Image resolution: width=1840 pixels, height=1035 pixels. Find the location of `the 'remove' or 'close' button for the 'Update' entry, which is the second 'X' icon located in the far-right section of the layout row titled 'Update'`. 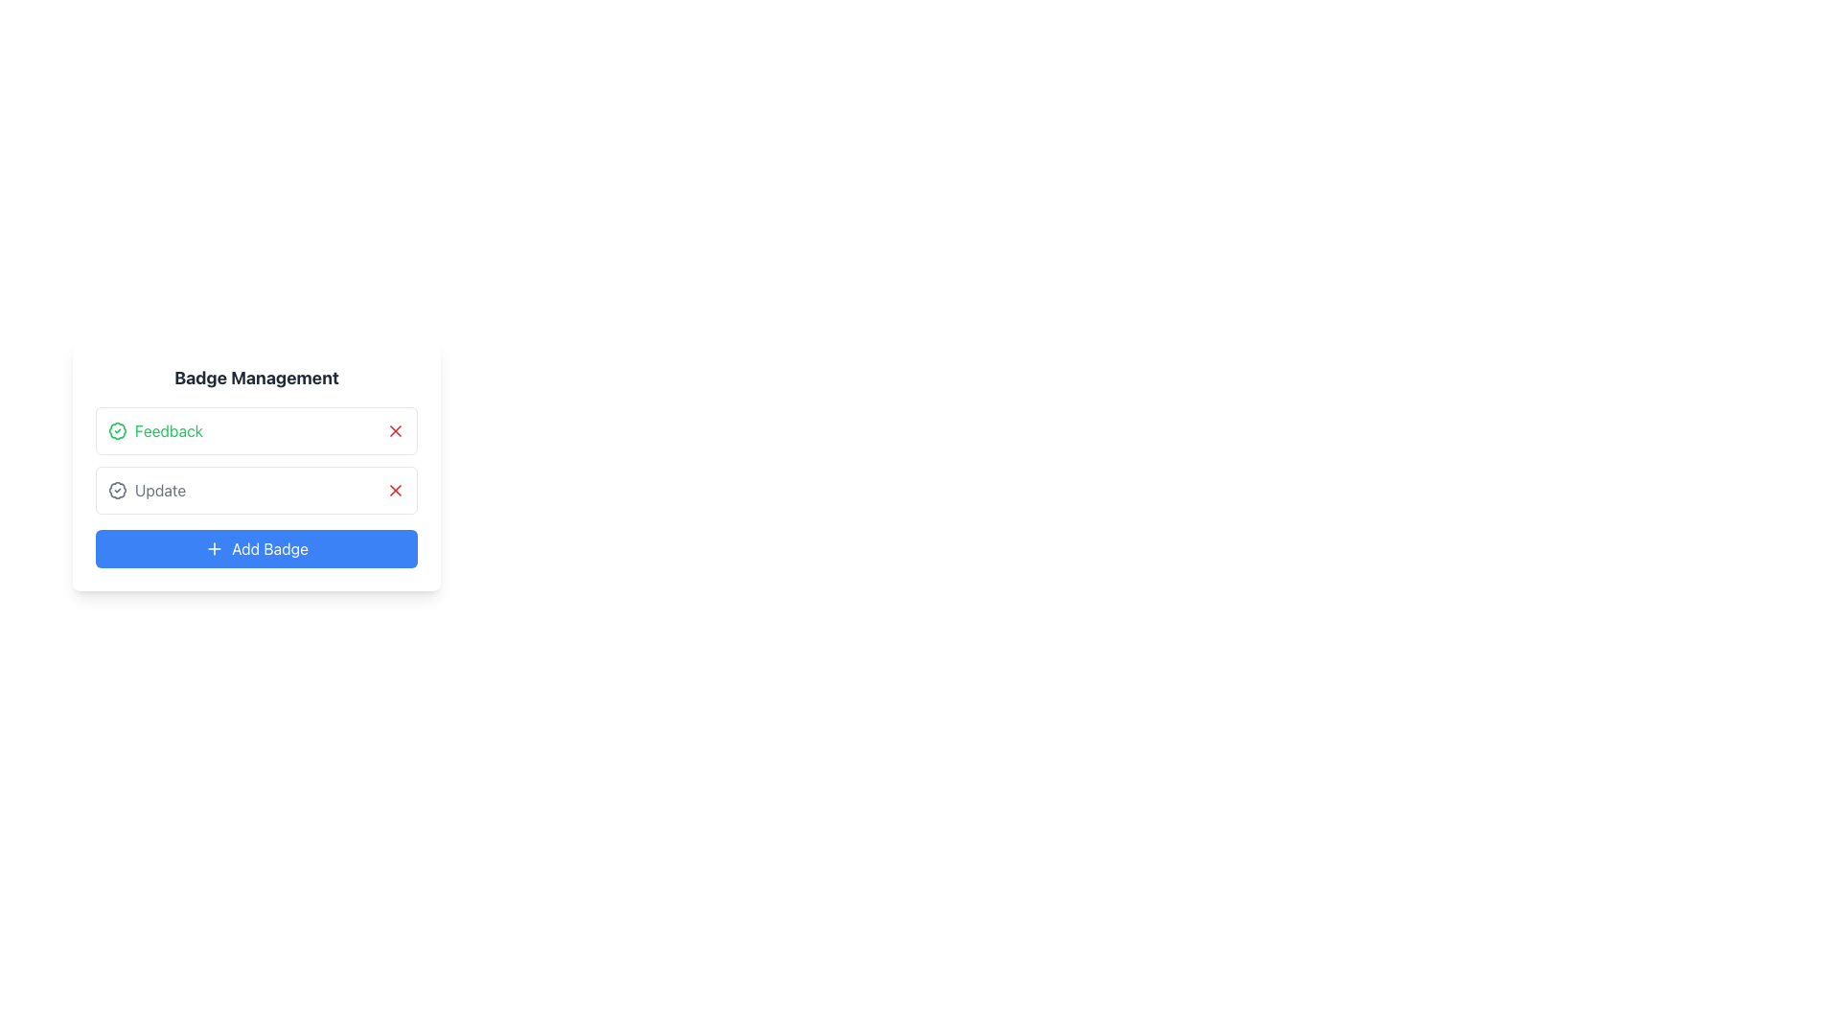

the 'remove' or 'close' button for the 'Update' entry, which is the second 'X' icon located in the far-right section of the layout row titled 'Update' is located at coordinates (394, 490).